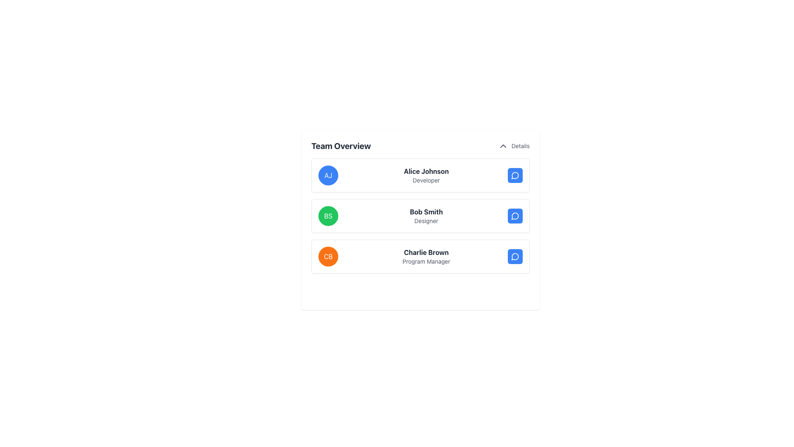 This screenshot has height=447, width=794. What do you see at coordinates (421, 290) in the screenshot?
I see `the button to add a new member to the team, located below the last team member's card, 'Charlie Brown - Program Manager', in the 'Team Overview' section` at bounding box center [421, 290].